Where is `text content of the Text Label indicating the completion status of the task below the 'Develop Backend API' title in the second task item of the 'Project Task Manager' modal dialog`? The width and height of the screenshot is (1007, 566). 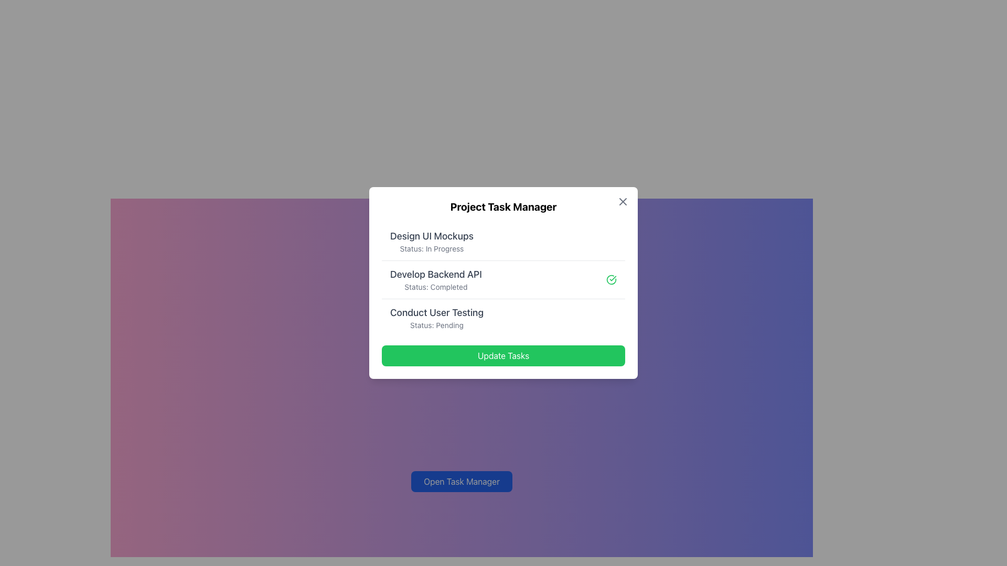
text content of the Text Label indicating the completion status of the task below the 'Develop Backend API' title in the second task item of the 'Project Task Manager' modal dialog is located at coordinates (436, 287).